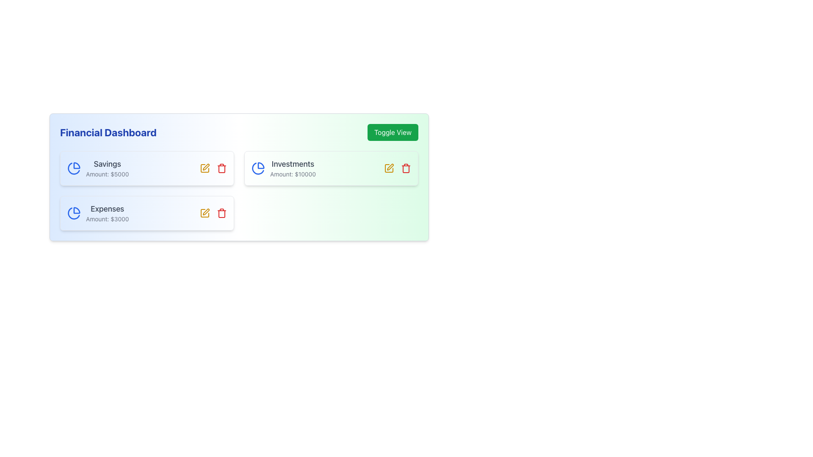 The width and height of the screenshot is (813, 457). Describe the element at coordinates (260, 165) in the screenshot. I see `the pie chart segment icon within the Investments card located in the upper-right section of the interface` at that location.